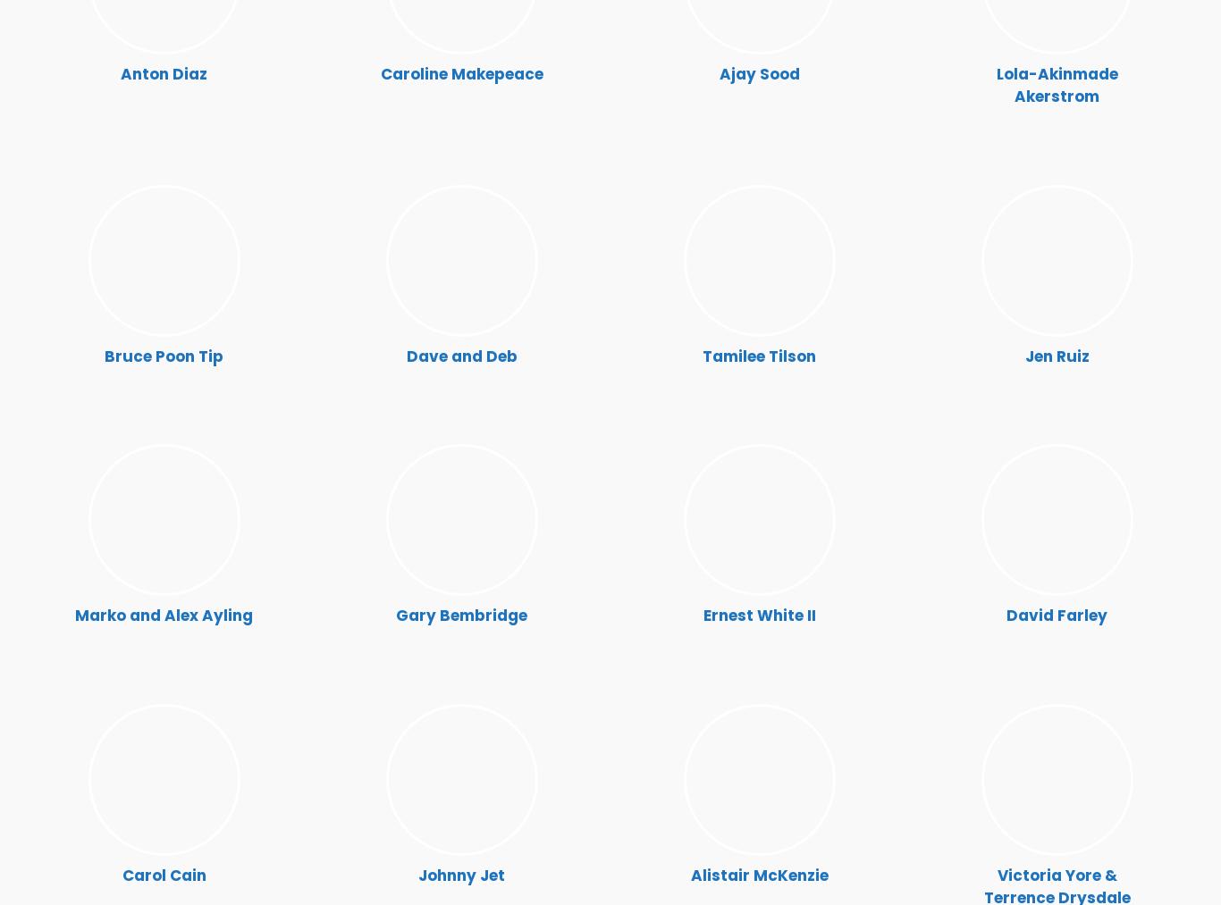 The image size is (1221, 905). What do you see at coordinates (163, 615) in the screenshot?
I see `'Marko and Alex Ayling'` at bounding box center [163, 615].